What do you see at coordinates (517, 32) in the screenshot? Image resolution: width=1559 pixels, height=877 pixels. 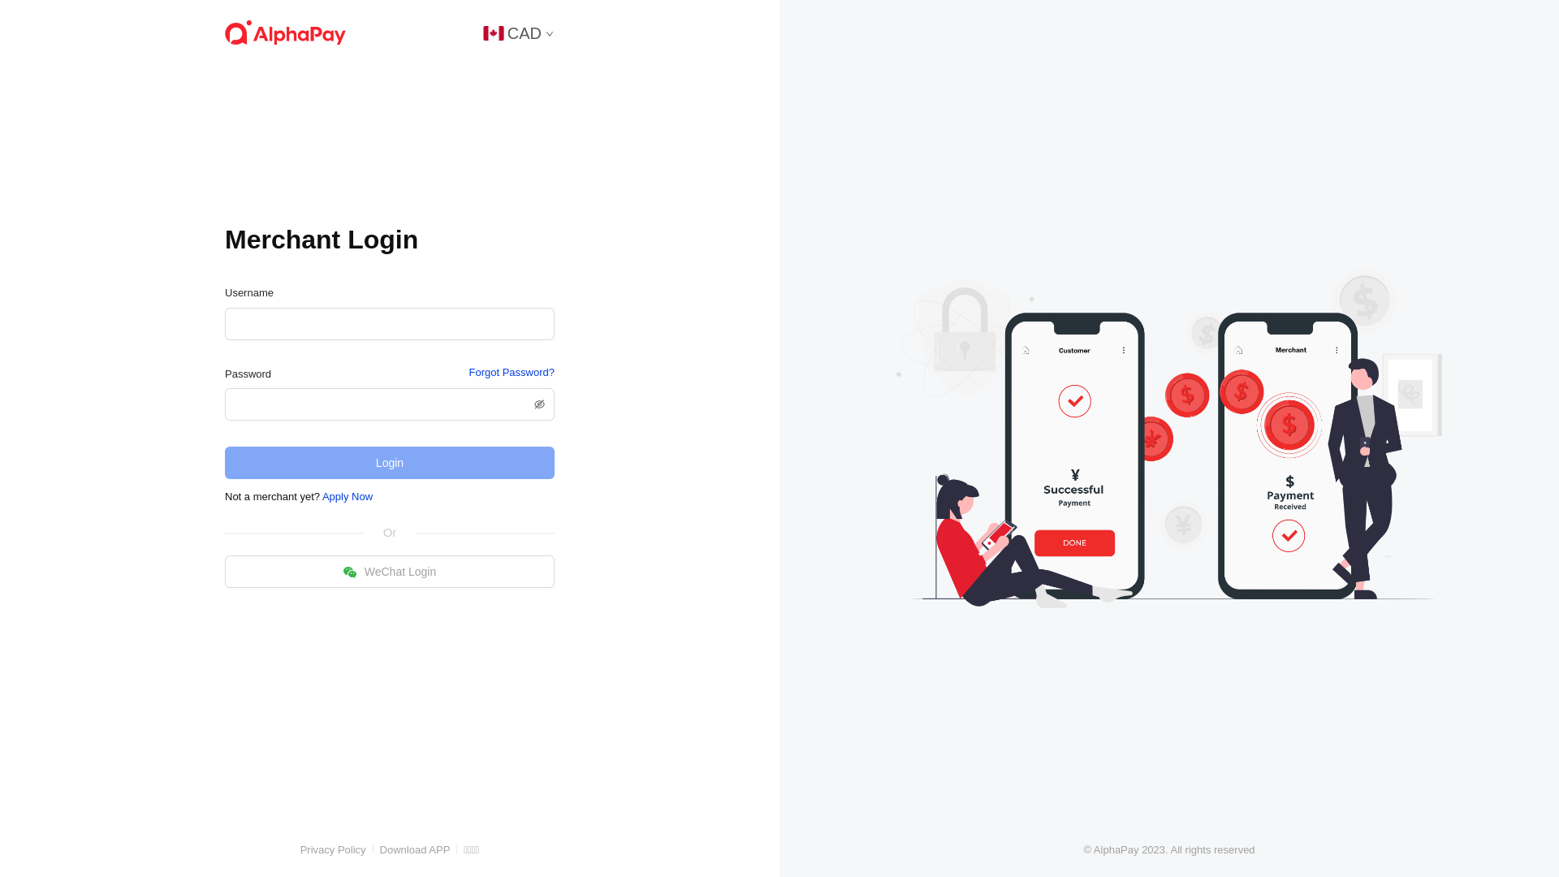 I see `'CAD'` at bounding box center [517, 32].